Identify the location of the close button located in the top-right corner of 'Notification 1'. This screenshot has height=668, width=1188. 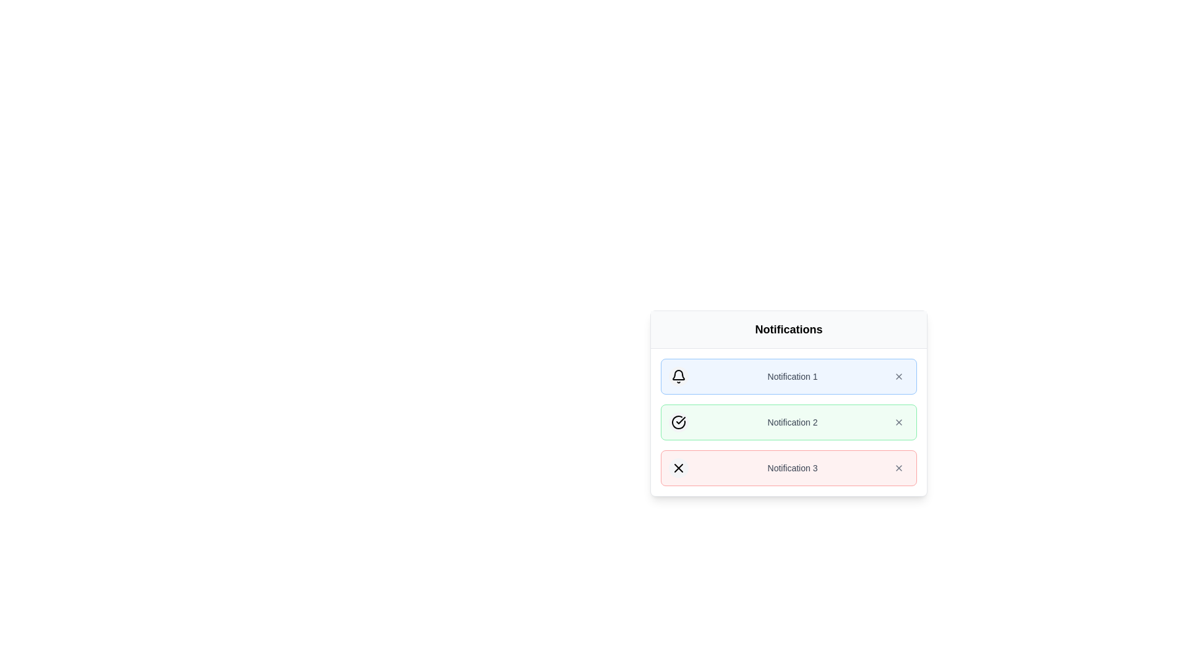
(899, 376).